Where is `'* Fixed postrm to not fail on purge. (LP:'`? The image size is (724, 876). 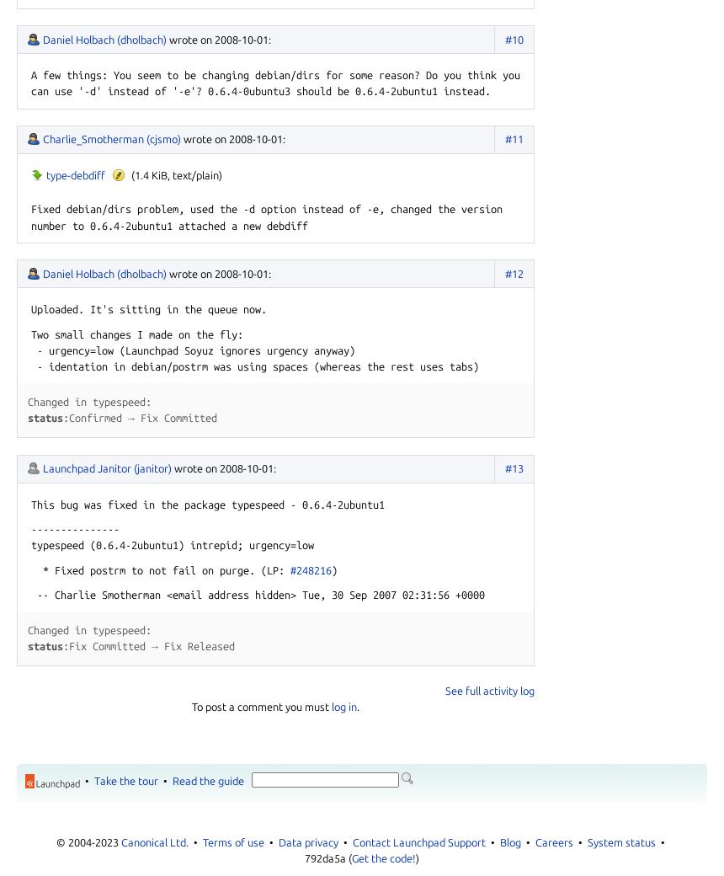 '* Fixed postrm to not fail on purge. (LP:' is located at coordinates (30, 569).